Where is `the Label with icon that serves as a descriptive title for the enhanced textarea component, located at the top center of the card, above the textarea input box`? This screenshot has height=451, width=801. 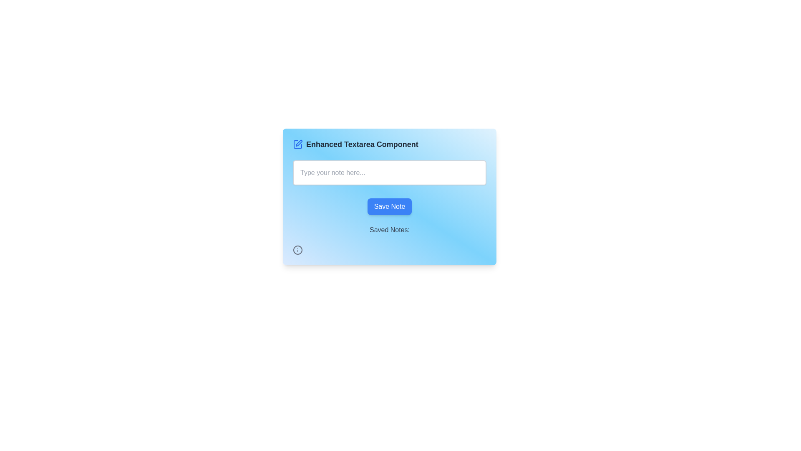
the Label with icon that serves as a descriptive title for the enhanced textarea component, located at the top center of the card, above the textarea input box is located at coordinates (389, 144).